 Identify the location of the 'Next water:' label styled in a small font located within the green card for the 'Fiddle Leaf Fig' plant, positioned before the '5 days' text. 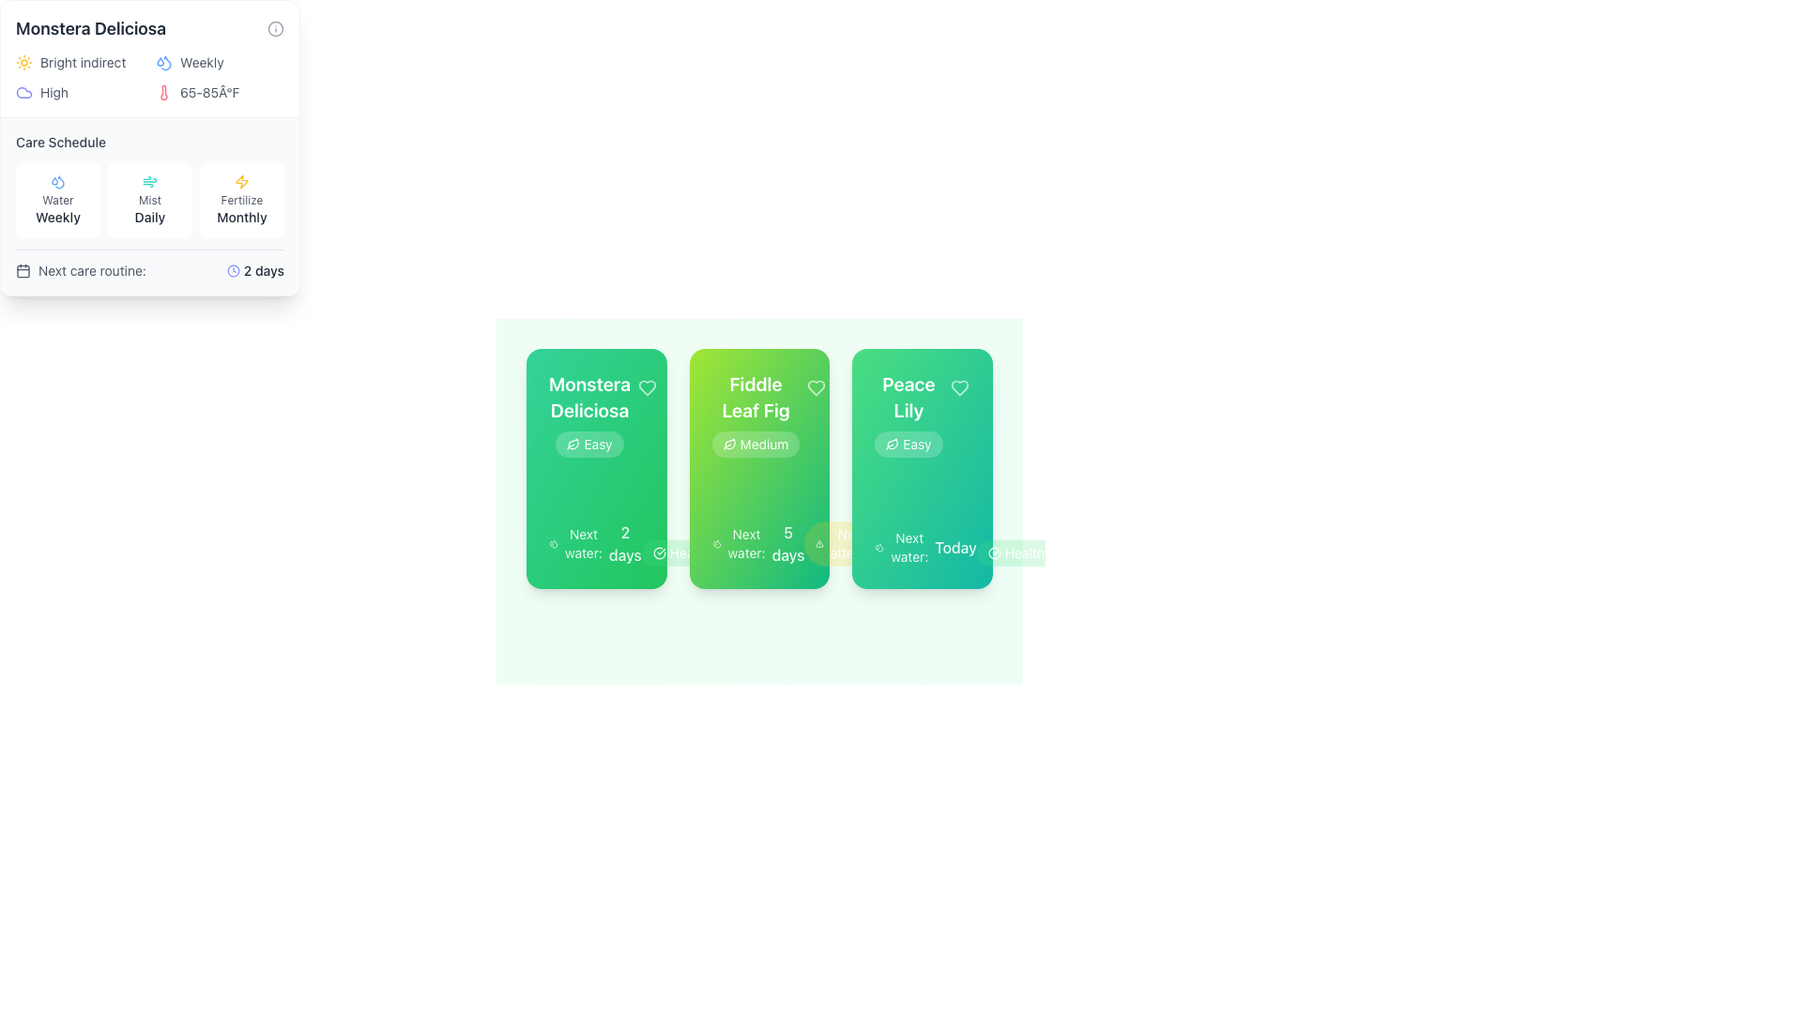
(745, 543).